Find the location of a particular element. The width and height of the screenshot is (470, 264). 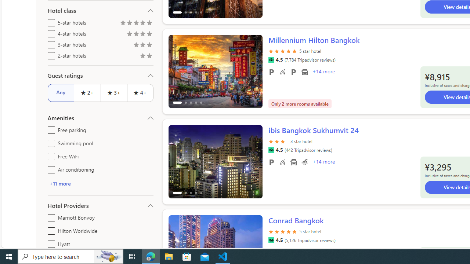

'Any' is located at coordinates (61, 92).